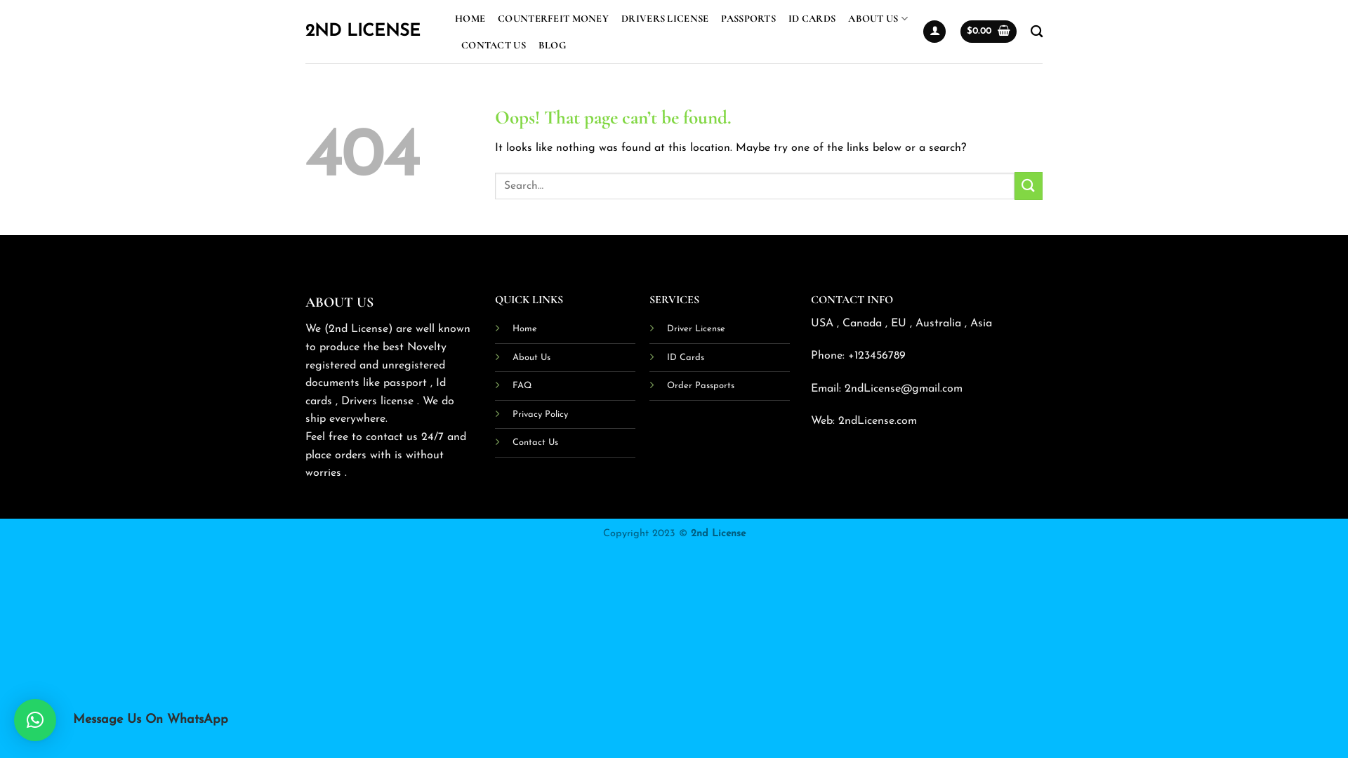 This screenshot has width=1348, height=758. Describe the element at coordinates (552, 19) in the screenshot. I see `'COUNTERFEIT MONEY'` at that location.